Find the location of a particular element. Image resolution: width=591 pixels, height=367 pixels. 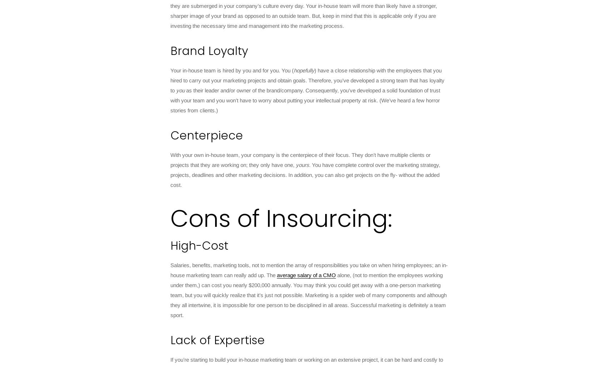

'hopefully' is located at coordinates (294, 70).